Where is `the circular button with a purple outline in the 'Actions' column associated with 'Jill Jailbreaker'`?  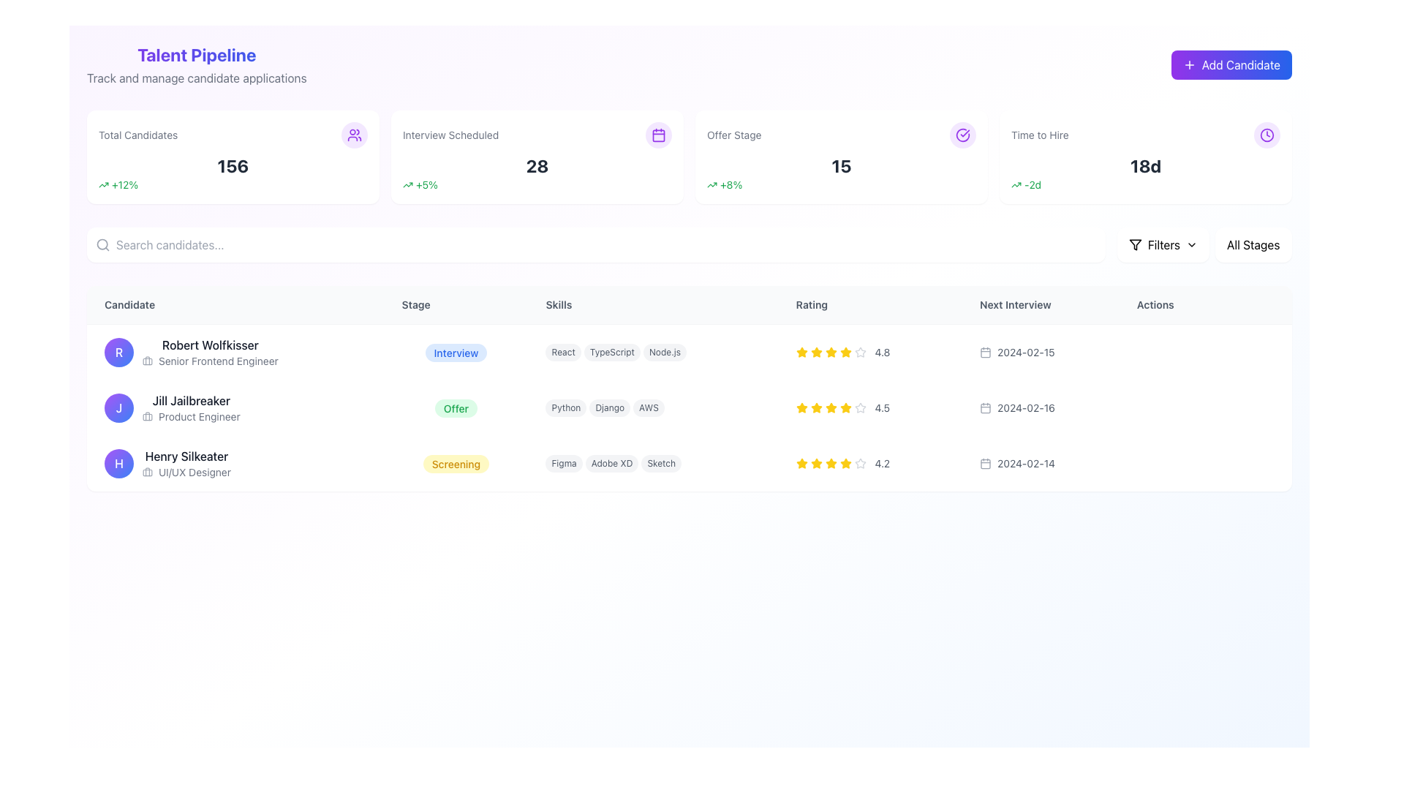 the circular button with a purple outline in the 'Actions' column associated with 'Jill Jailbreaker' is located at coordinates (1148, 408).